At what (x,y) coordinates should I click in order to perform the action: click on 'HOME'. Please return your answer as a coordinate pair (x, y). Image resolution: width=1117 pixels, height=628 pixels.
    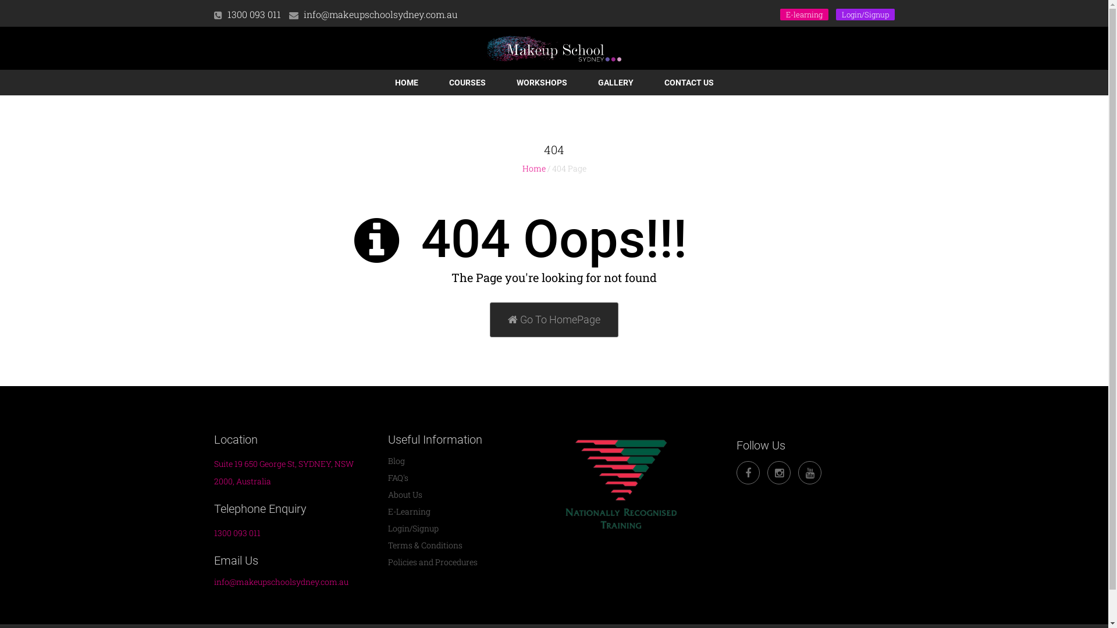
    Looking at the image, I should click on (405, 82).